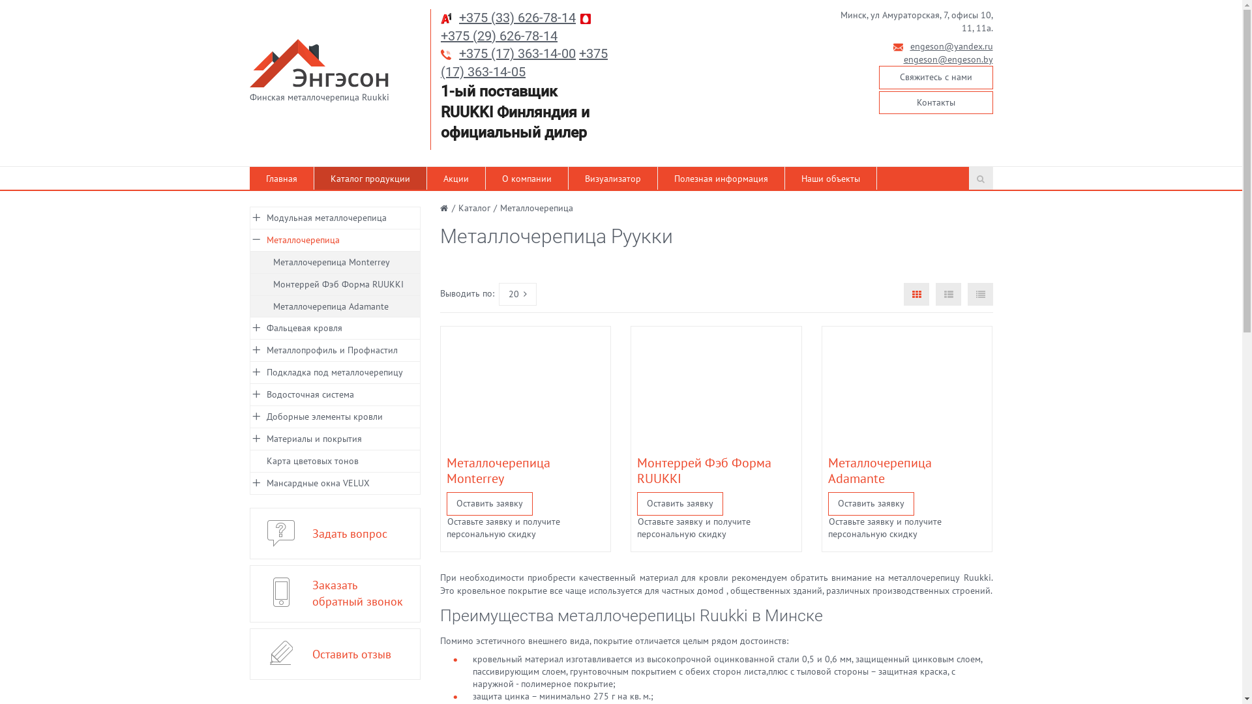  Describe the element at coordinates (892, 46) in the screenshot. I see `'mail.png'` at that location.